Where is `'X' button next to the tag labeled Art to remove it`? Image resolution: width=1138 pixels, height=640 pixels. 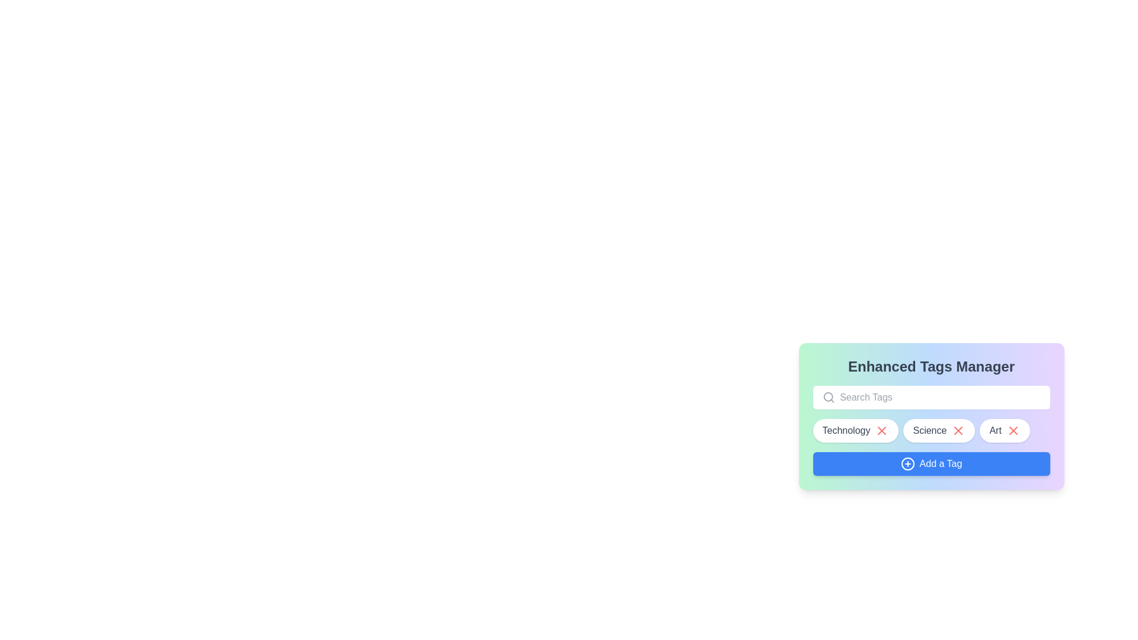 'X' button next to the tag labeled Art to remove it is located at coordinates (1012, 430).